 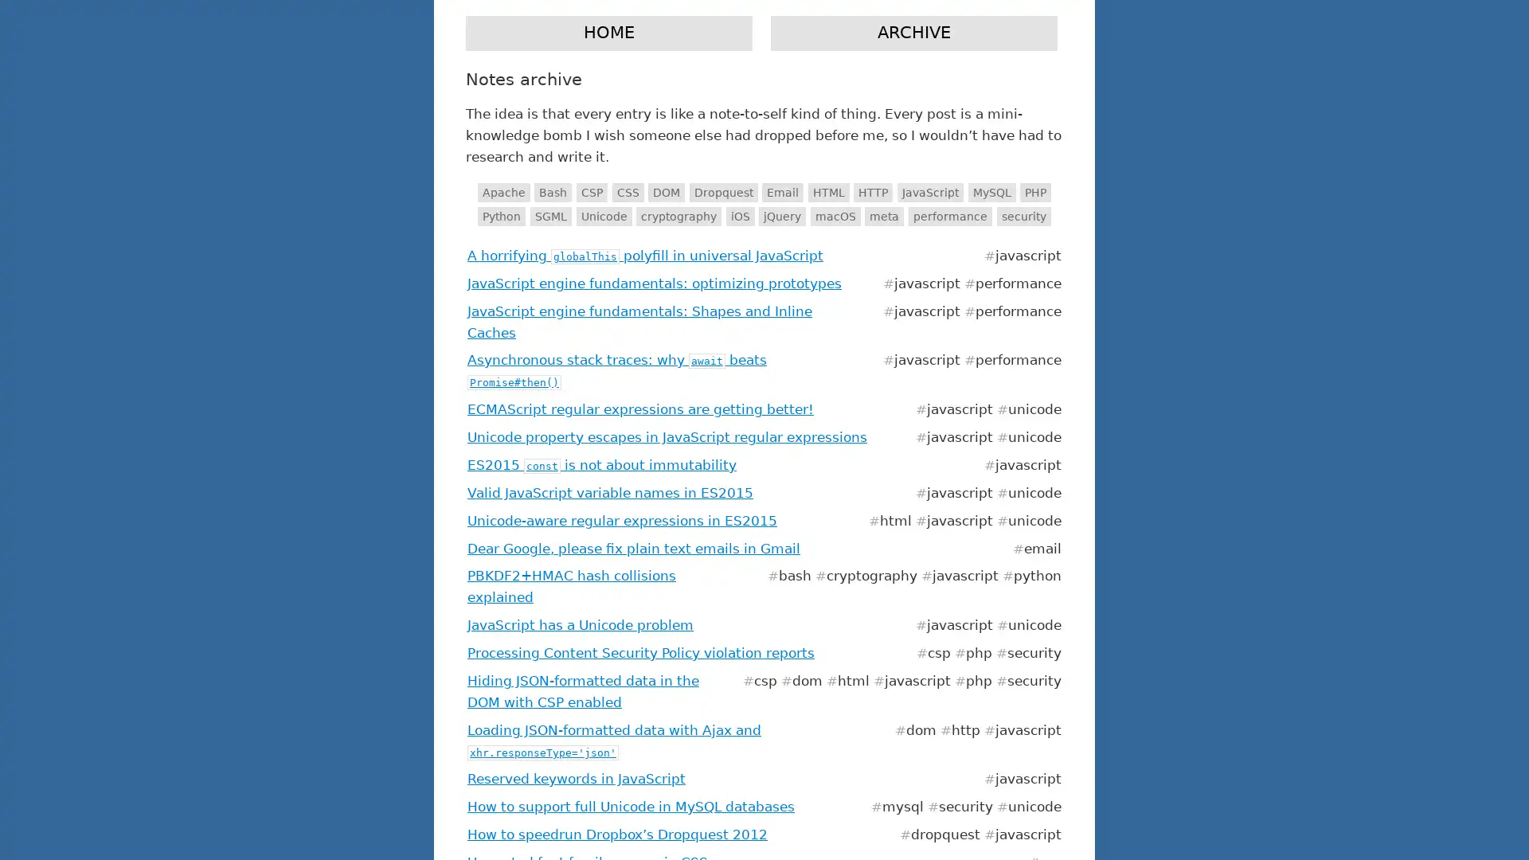 What do you see at coordinates (930, 192) in the screenshot?
I see `JavaScript` at bounding box center [930, 192].